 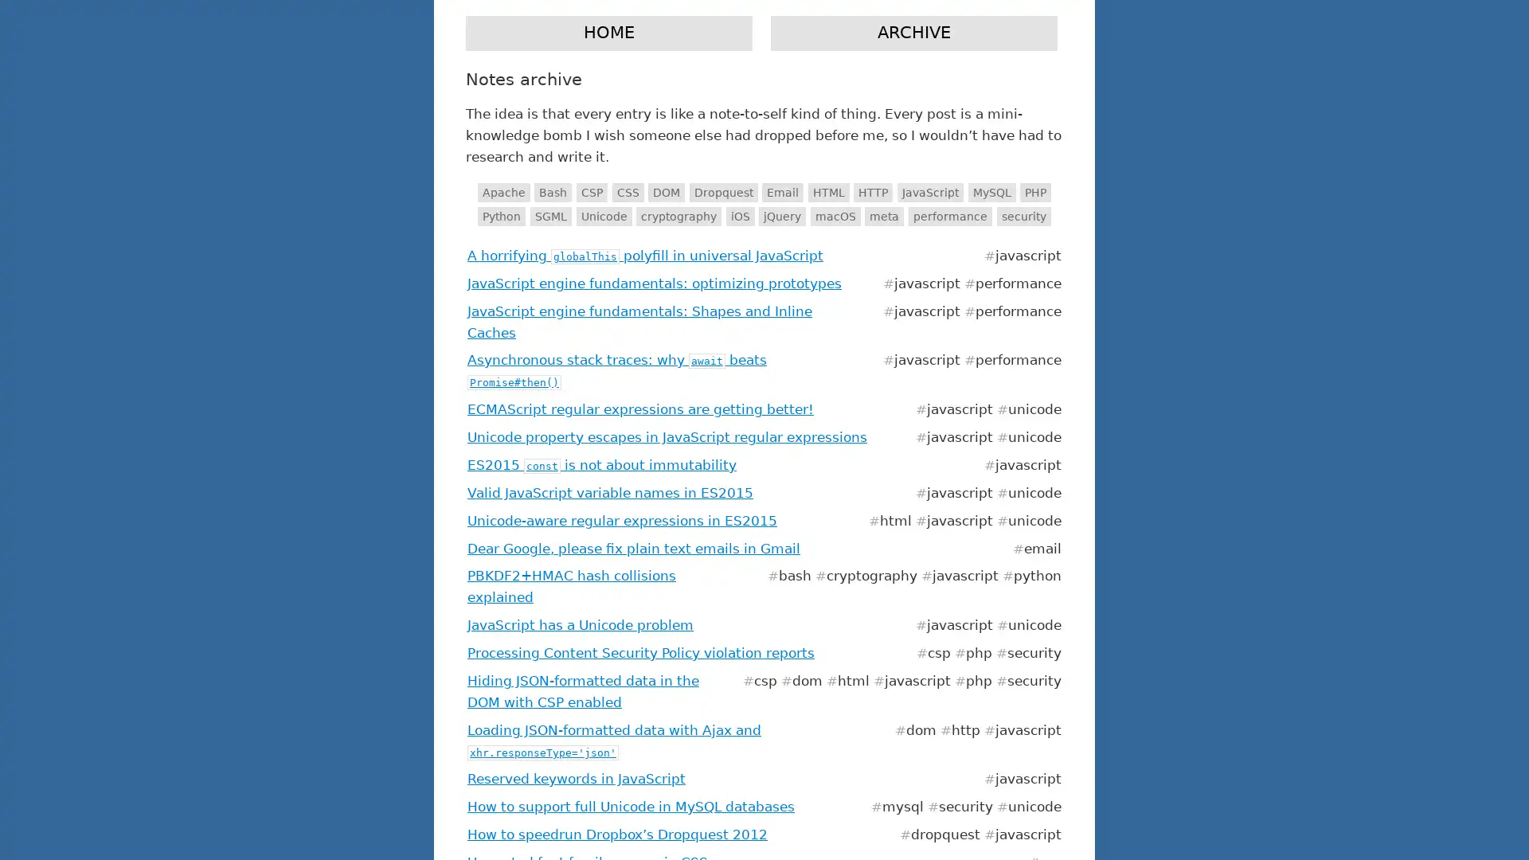 What do you see at coordinates (930, 192) in the screenshot?
I see `JavaScript` at bounding box center [930, 192].